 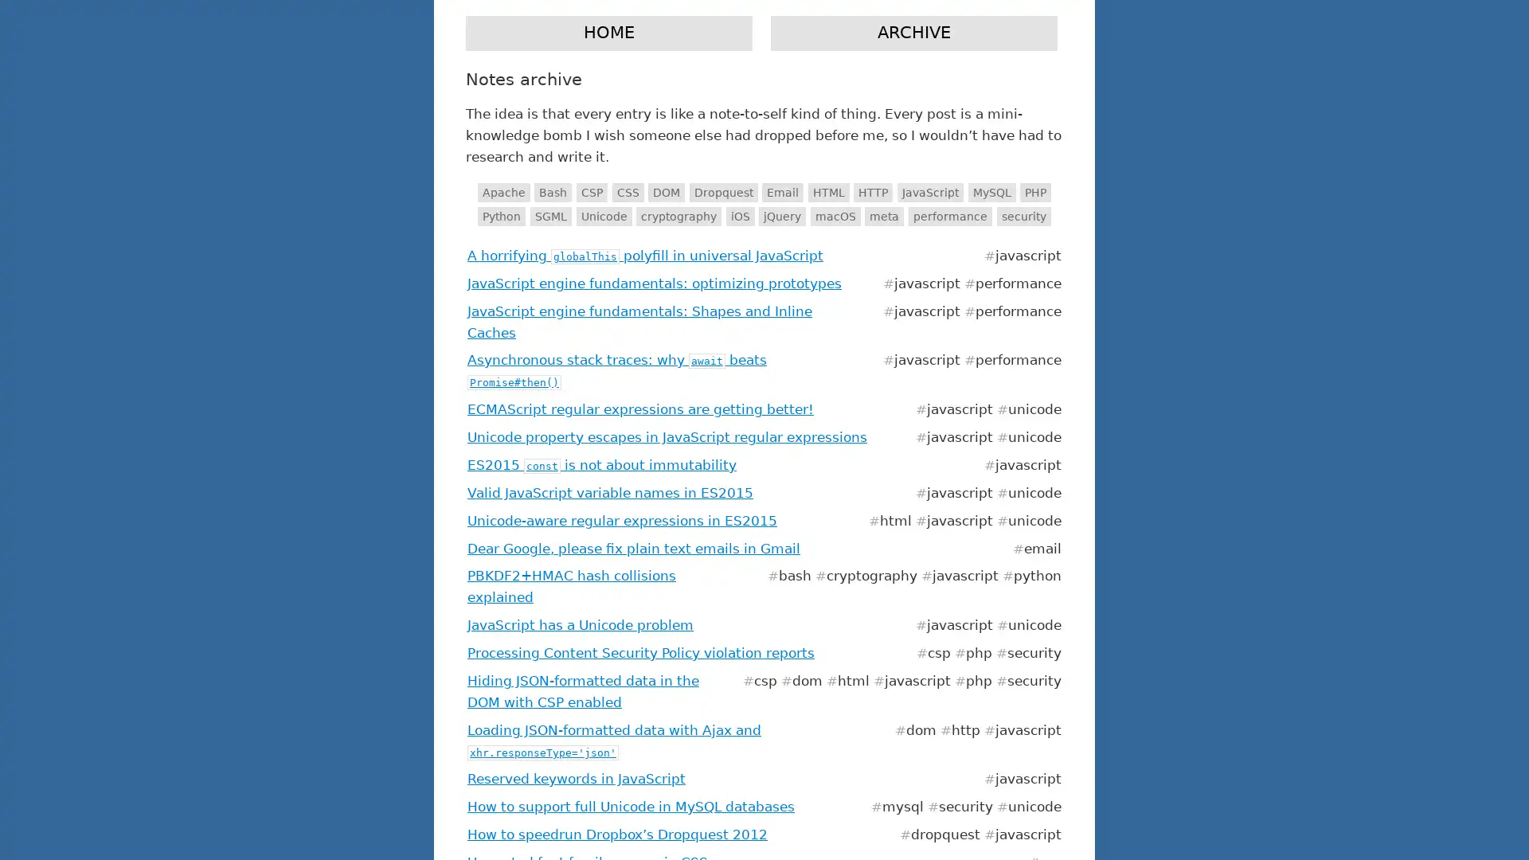 What do you see at coordinates (930, 192) in the screenshot?
I see `JavaScript` at bounding box center [930, 192].